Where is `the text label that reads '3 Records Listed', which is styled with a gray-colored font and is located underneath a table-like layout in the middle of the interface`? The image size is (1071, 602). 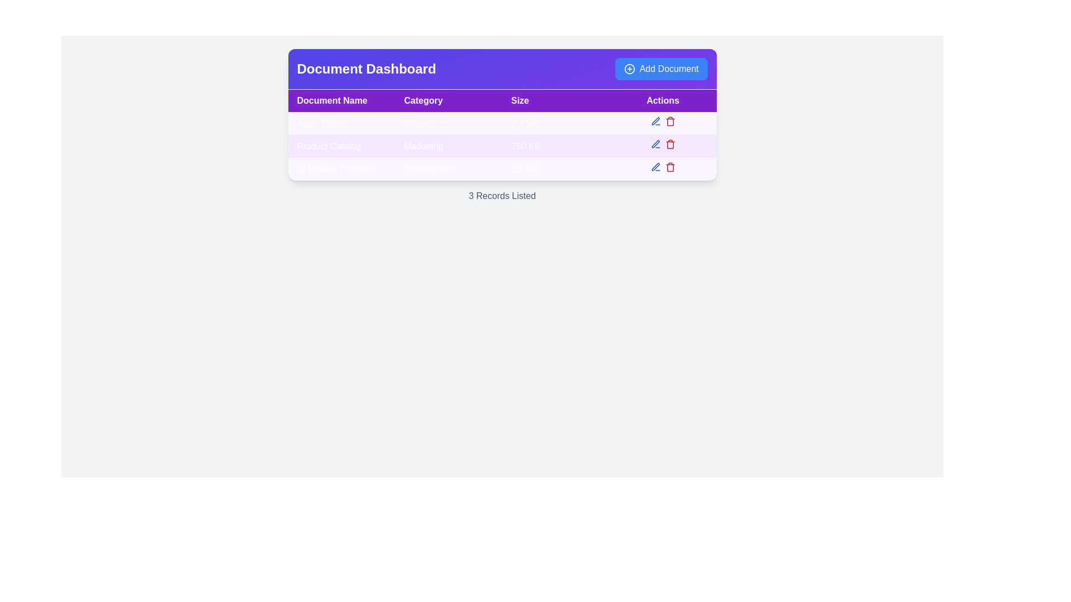
the text label that reads '3 Records Listed', which is styled with a gray-colored font and is located underneath a table-like layout in the middle of the interface is located at coordinates (501, 195).